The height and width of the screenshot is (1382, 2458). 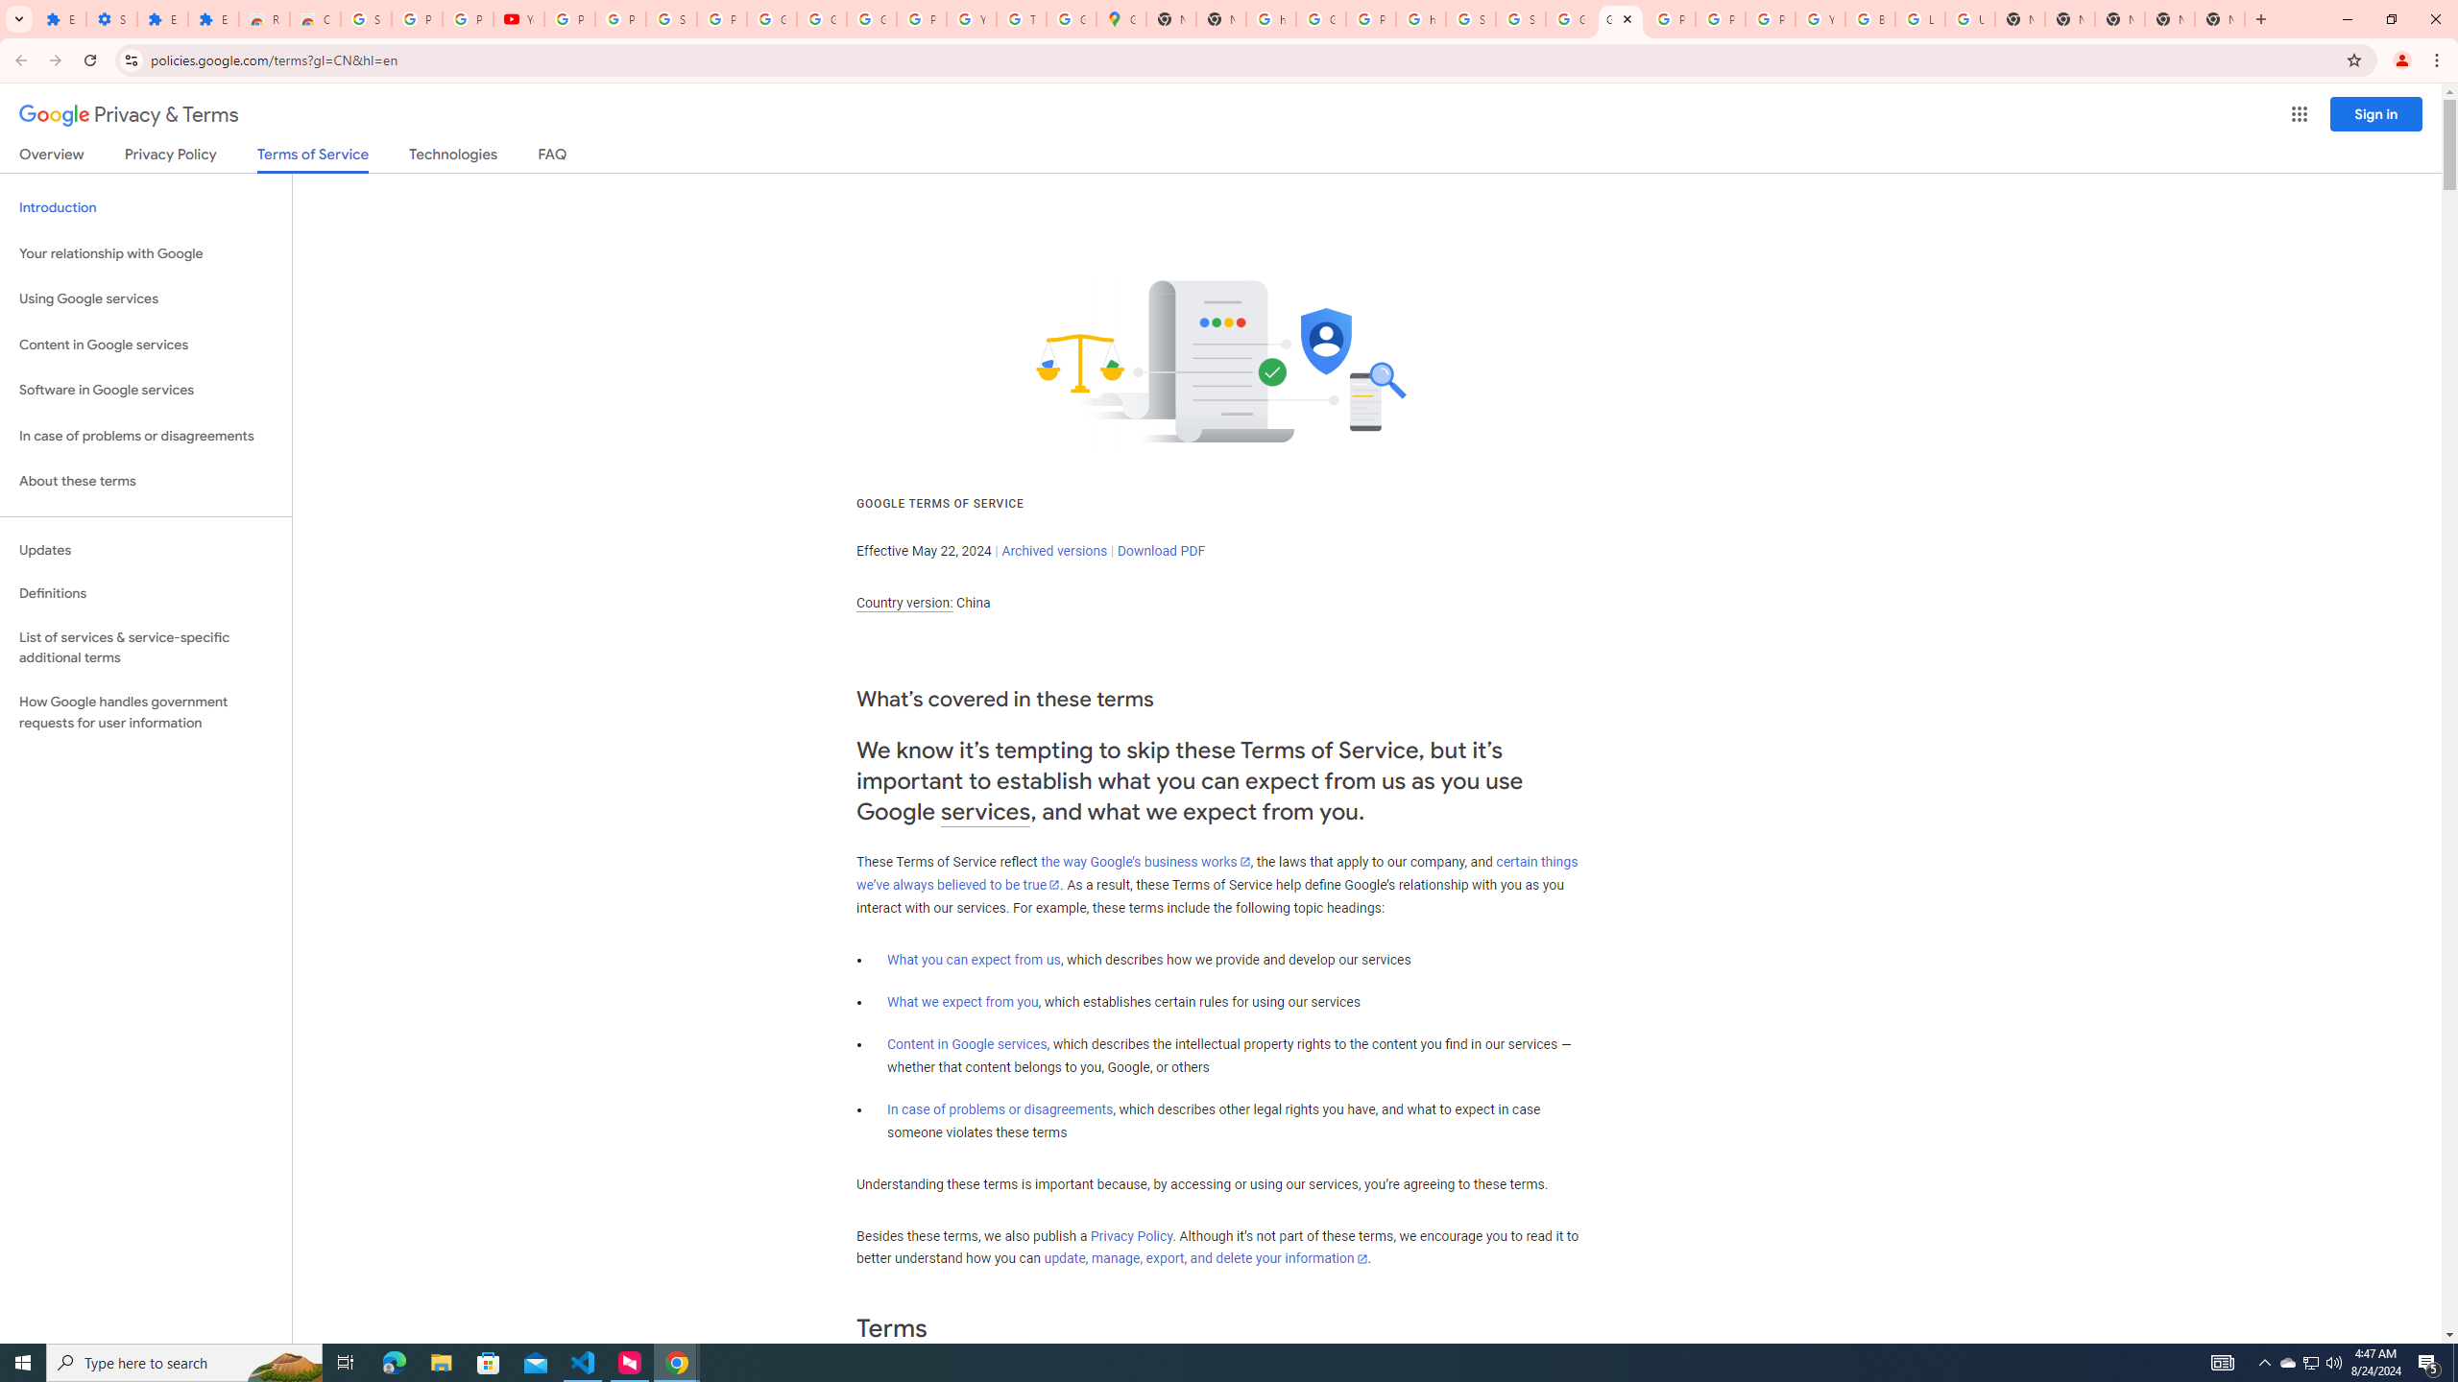 I want to click on 'YouTube', so click(x=971, y=18).